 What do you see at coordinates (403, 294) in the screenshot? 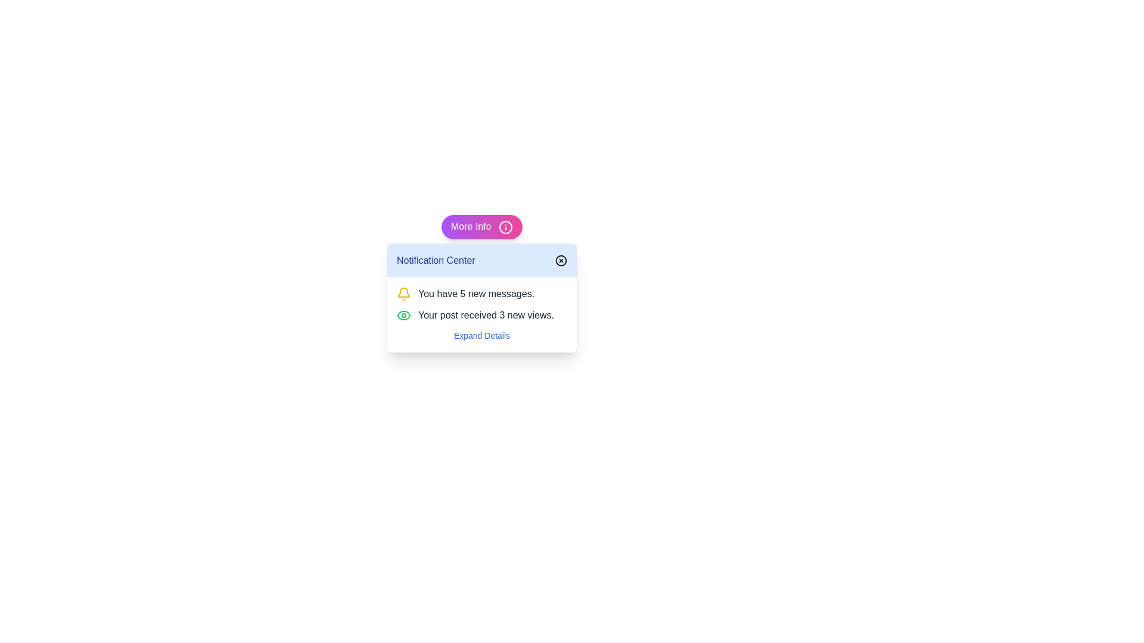
I see `the yellow bell icon that resembles a notification symbol, positioned to the left of the text 'You have 5 new messages.'` at bounding box center [403, 294].